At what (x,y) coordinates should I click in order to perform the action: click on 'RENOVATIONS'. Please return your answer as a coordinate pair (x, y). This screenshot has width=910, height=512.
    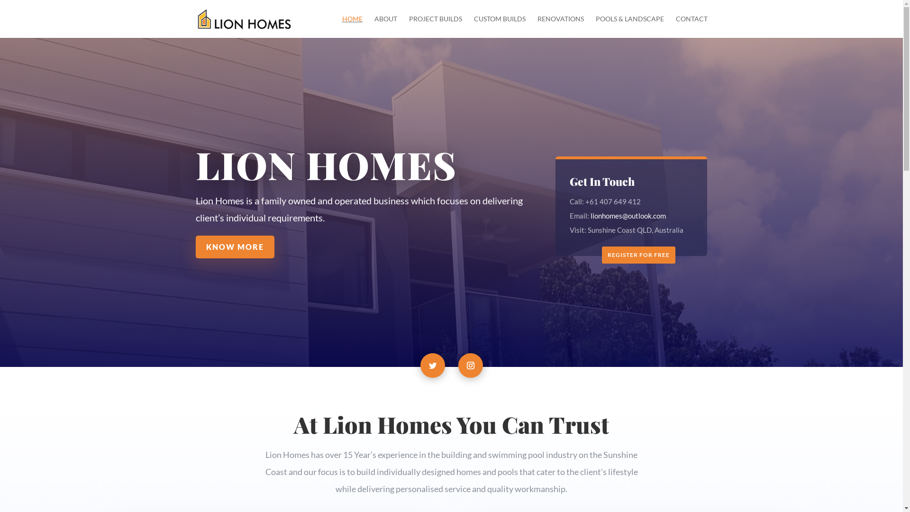
    Looking at the image, I should click on (560, 26).